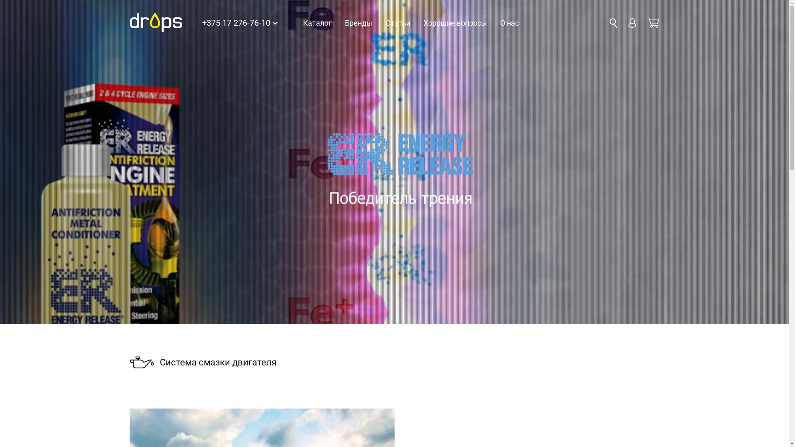 The height and width of the screenshot is (447, 795). I want to click on '+375 17 276-76-10', so click(239, 22).